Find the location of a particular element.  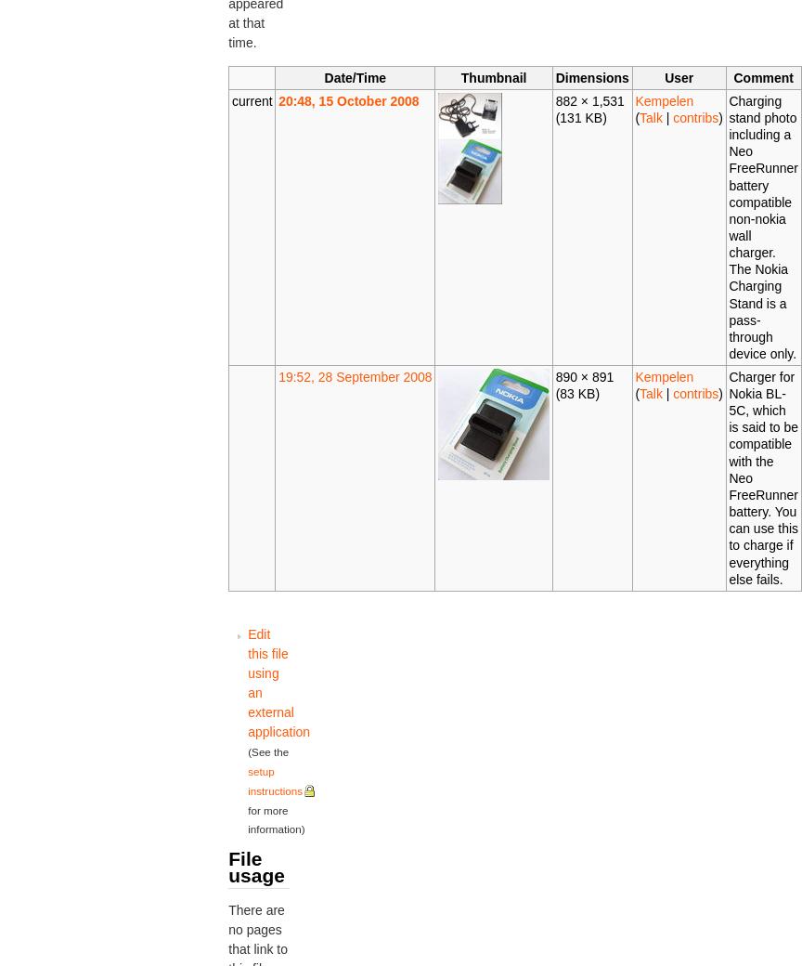

'Charging stand photo including a Neo FreeRunner battery compatible non-nokia wall charger. The Nokia Charging Stand is a pass-through device only.' is located at coordinates (762, 227).